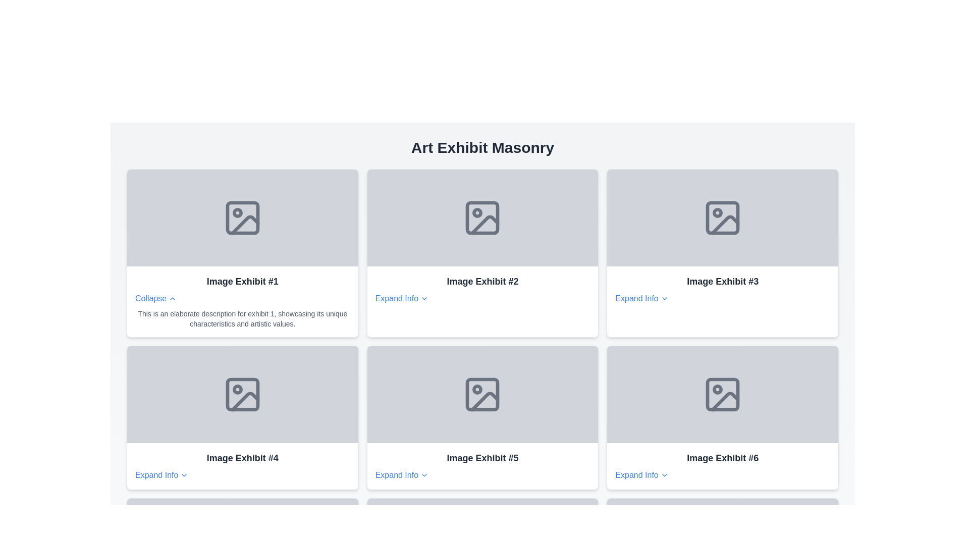 The width and height of the screenshot is (969, 545). I want to click on the arrow SVG icon located to the immediate right of the 'Collapse' text link in the card labeled 'Image Exhibit #1' to trigger the collapse action, so click(173, 298).